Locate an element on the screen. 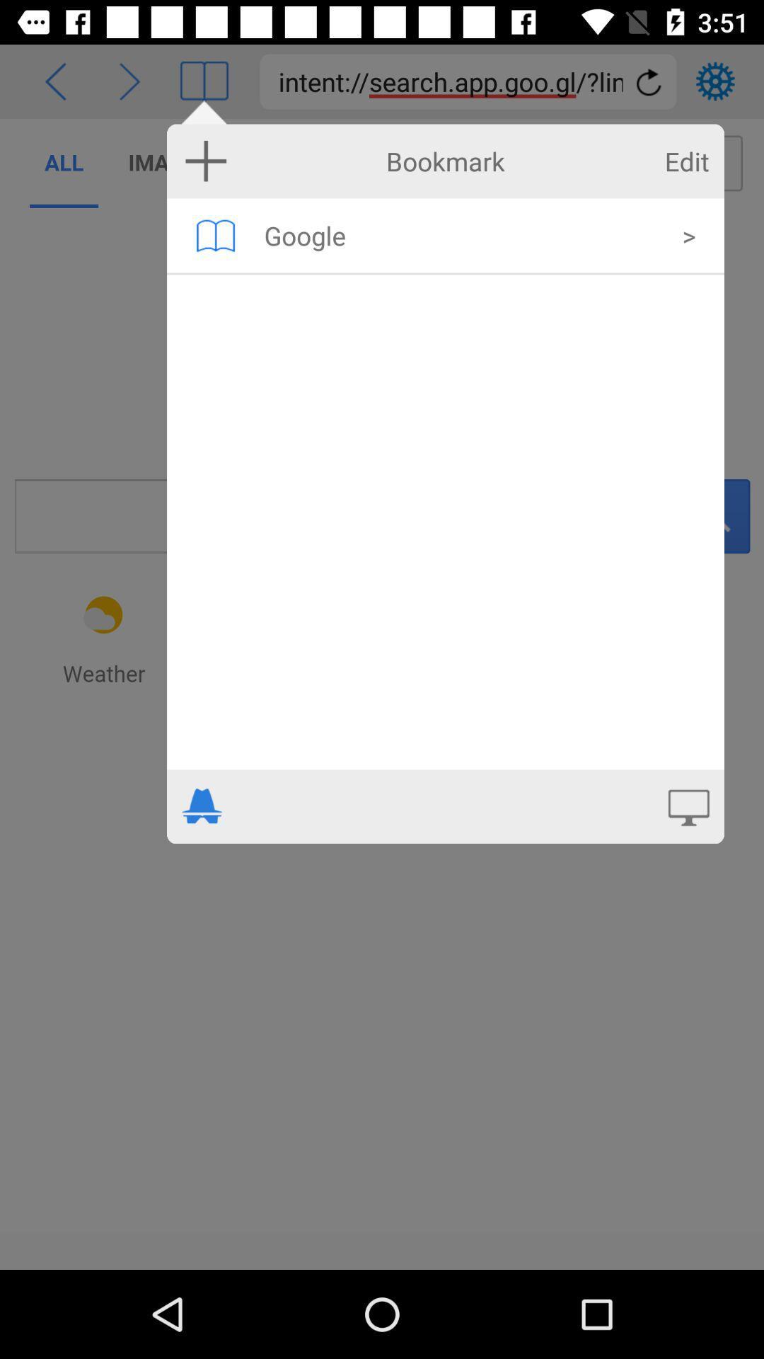 This screenshot has width=764, height=1359. icon below the edit icon is located at coordinates (688, 235).